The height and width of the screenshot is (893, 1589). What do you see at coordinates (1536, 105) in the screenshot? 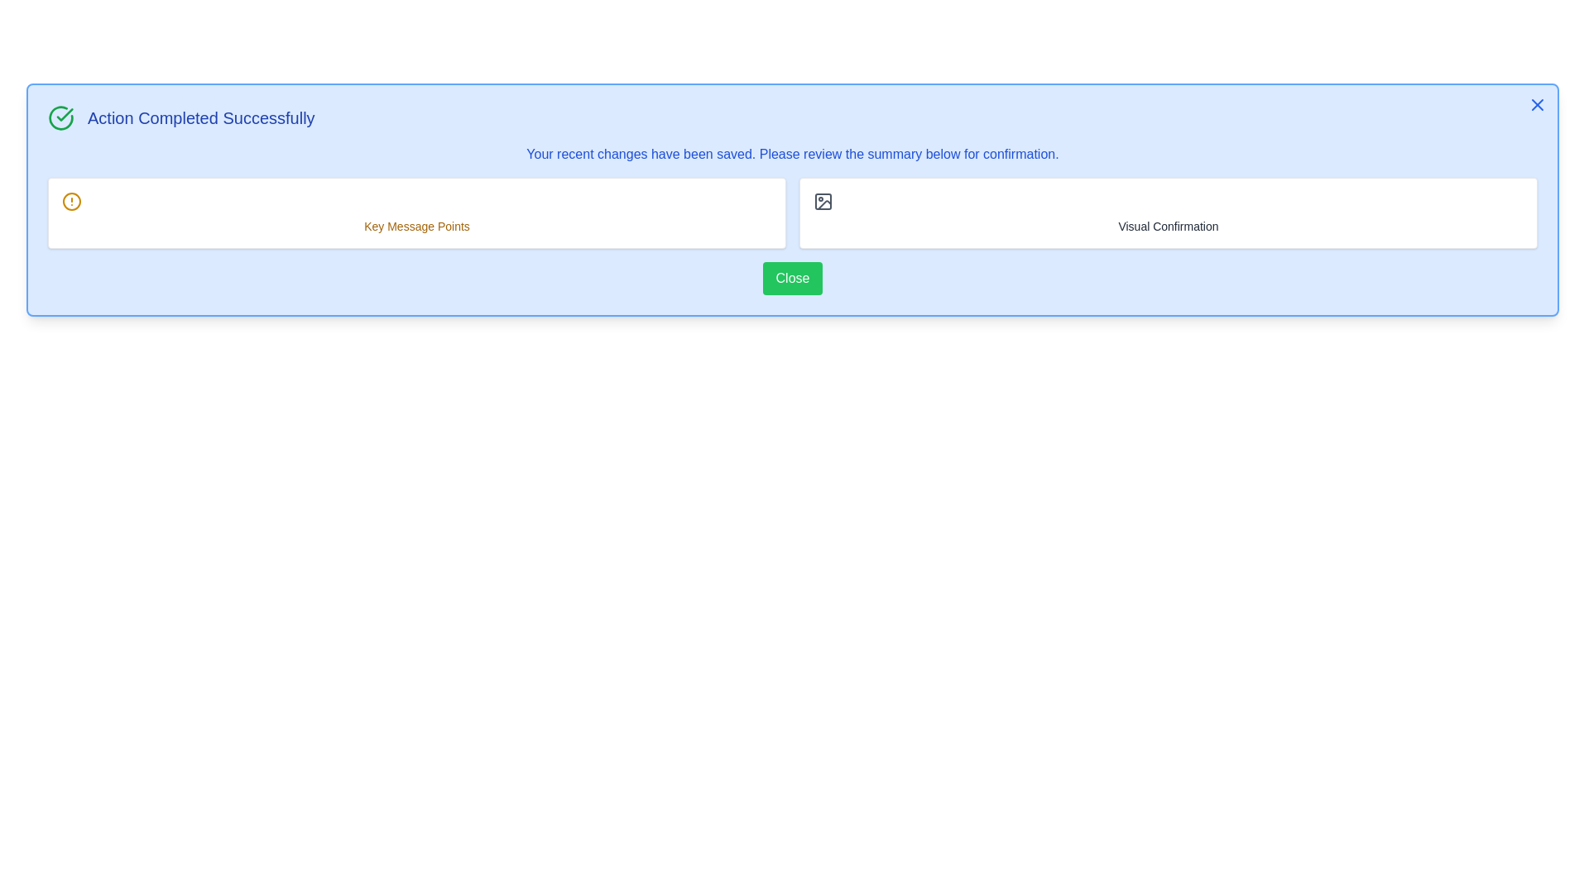
I see `the close icon to observe its hover effect` at bounding box center [1536, 105].